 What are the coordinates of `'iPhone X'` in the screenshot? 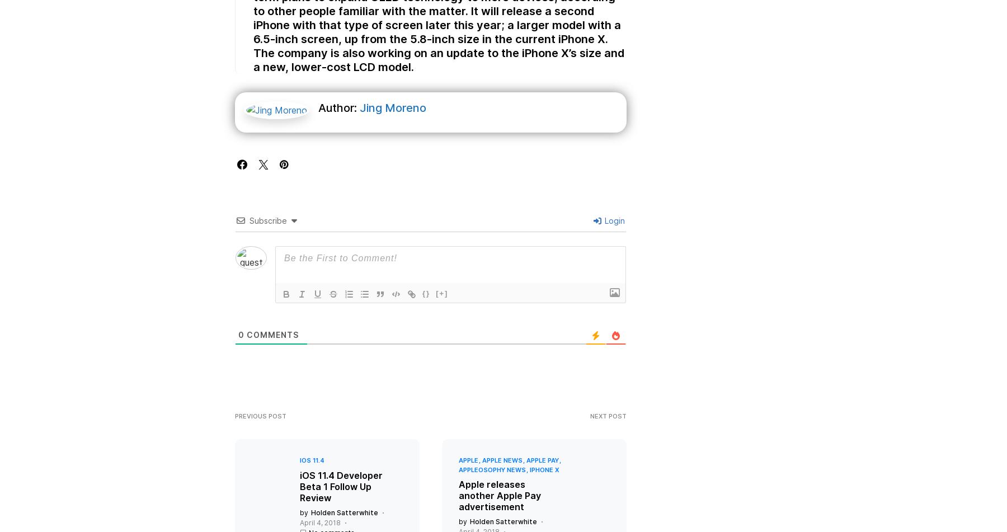 It's located at (544, 480).